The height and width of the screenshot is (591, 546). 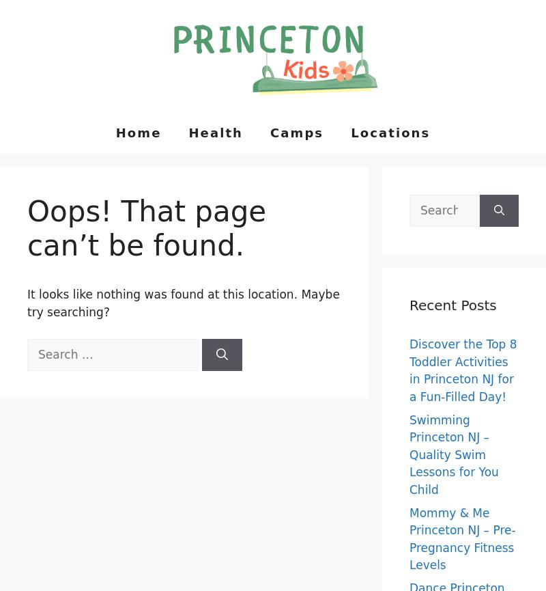 I want to click on 'Swimming Princeton NJ – Quality Swim Lessons for You Child', so click(x=453, y=454).